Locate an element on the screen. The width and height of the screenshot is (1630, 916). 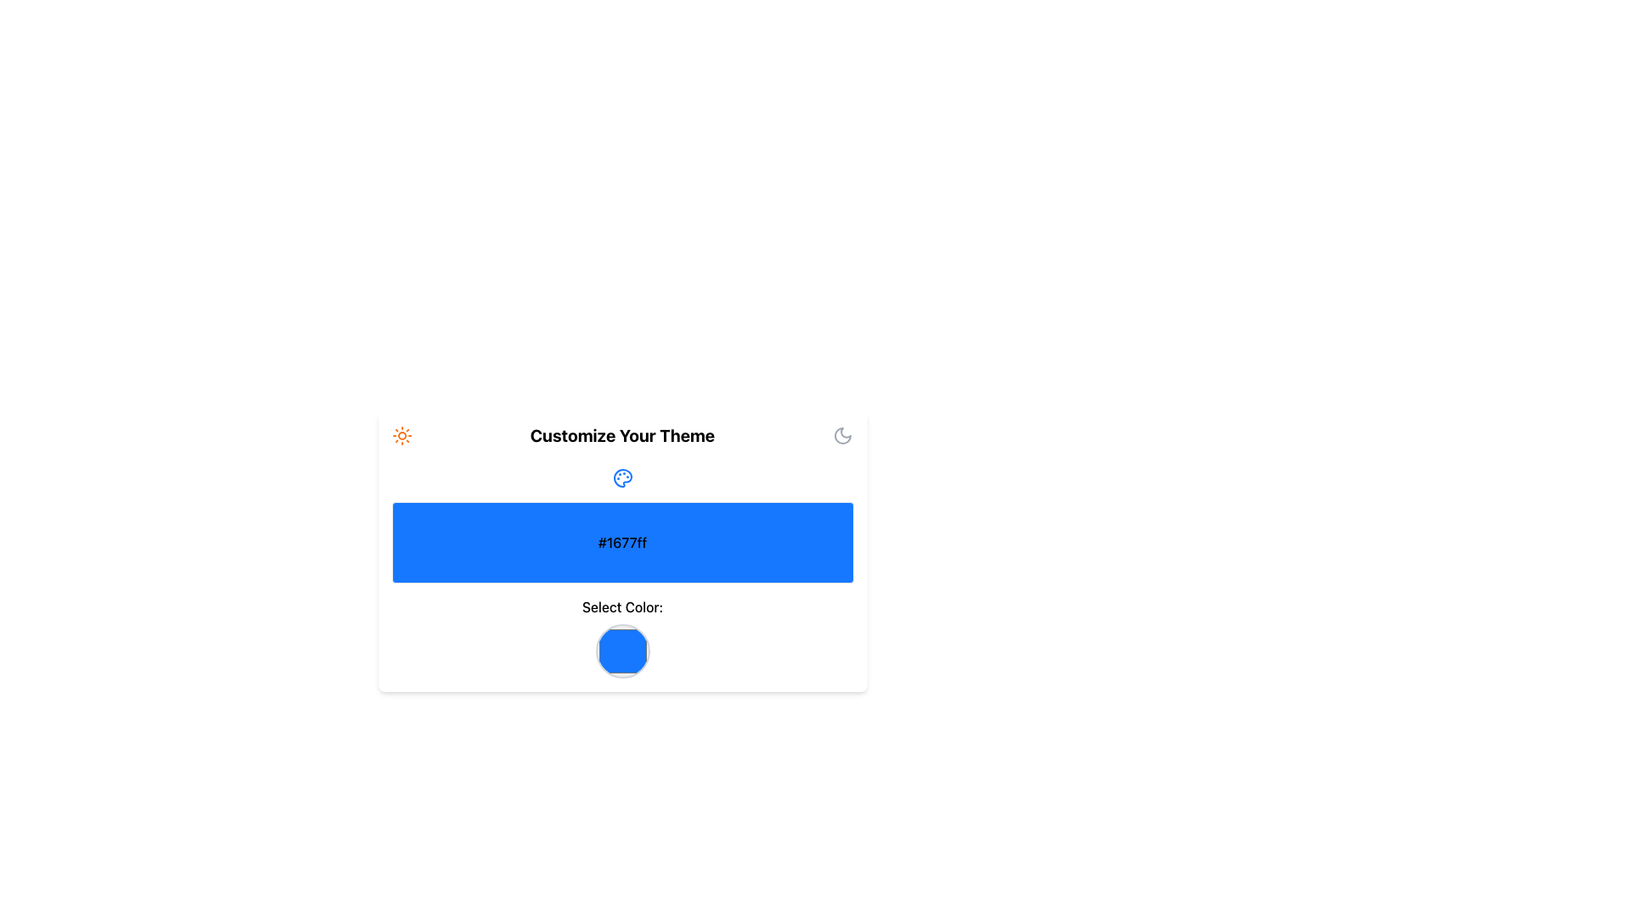
the toggle icon for switching between light and dark modes located in the top right corner of the theme customization interface, adjacent to the title 'Customize Your Theme' is located at coordinates (843, 434).